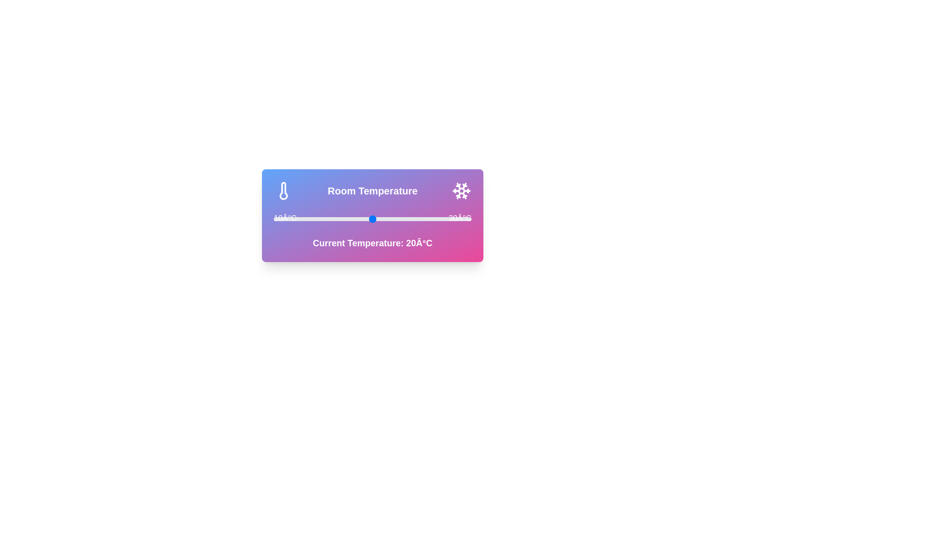 The width and height of the screenshot is (949, 533). What do you see at coordinates (402, 218) in the screenshot?
I see `the temperature slider to 23°C` at bounding box center [402, 218].